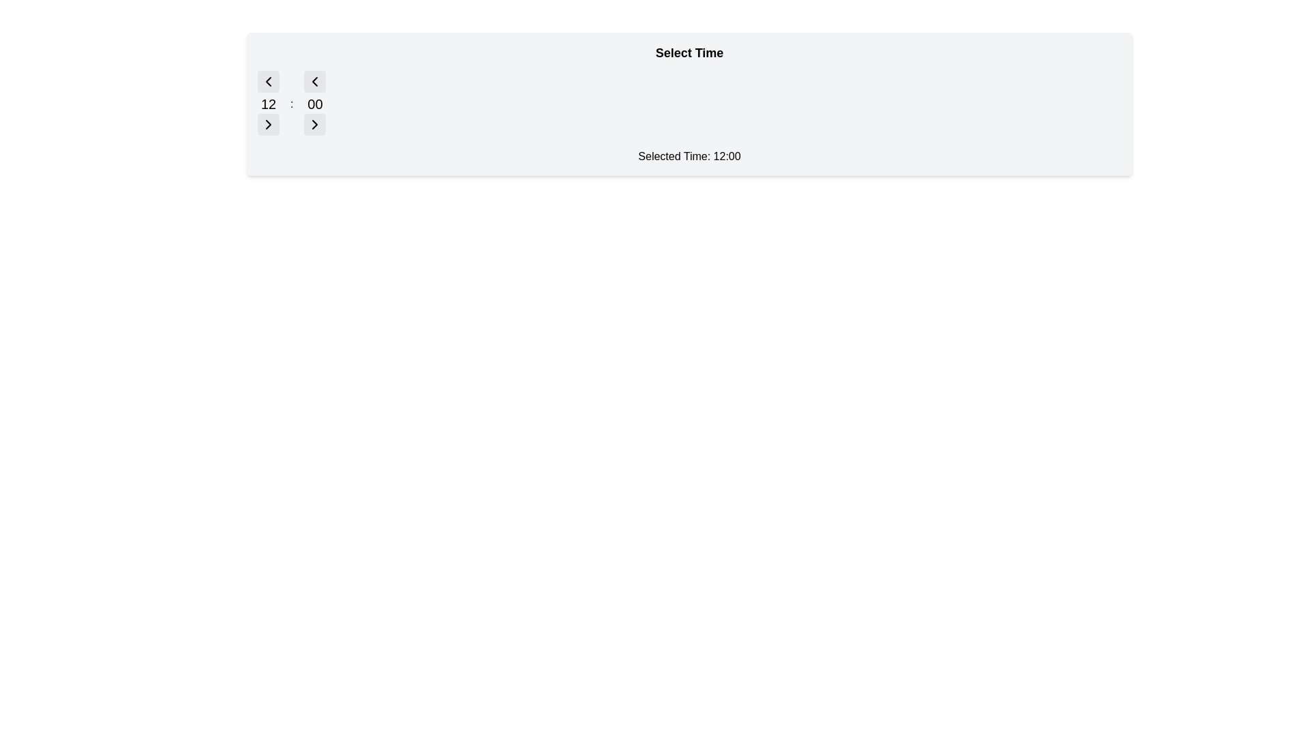 Image resolution: width=1309 pixels, height=736 pixels. I want to click on the chevron-right SVG icon that serves as the increment button for the time display, located to the right of the time display, so click(268, 124).